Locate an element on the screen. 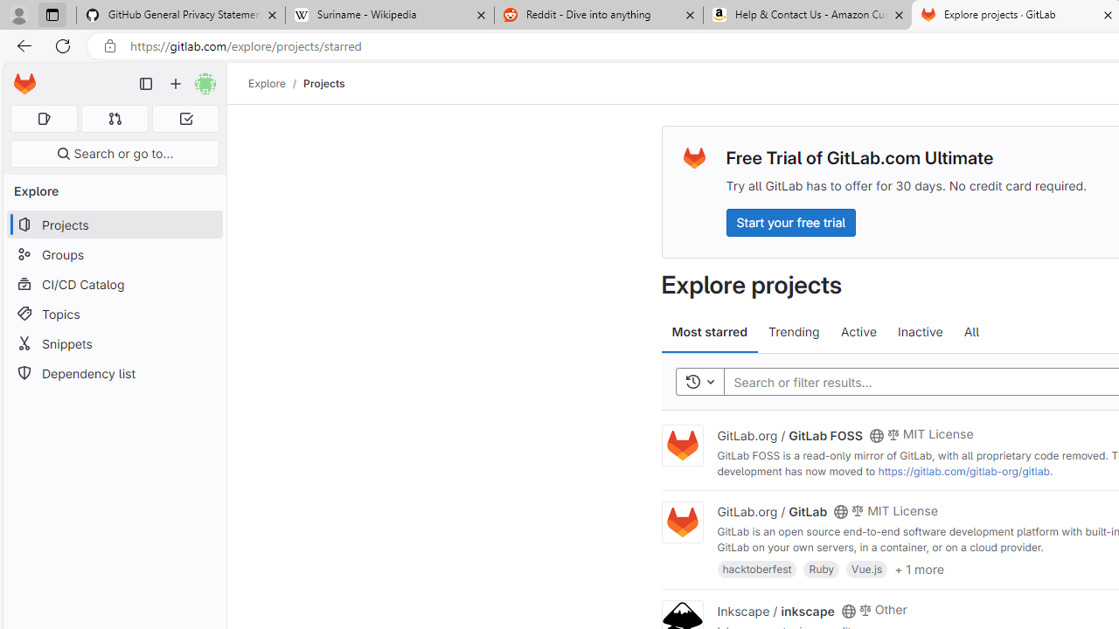 The width and height of the screenshot is (1119, 629). 'GitLab.org / GitLab' is located at coordinates (771, 511).